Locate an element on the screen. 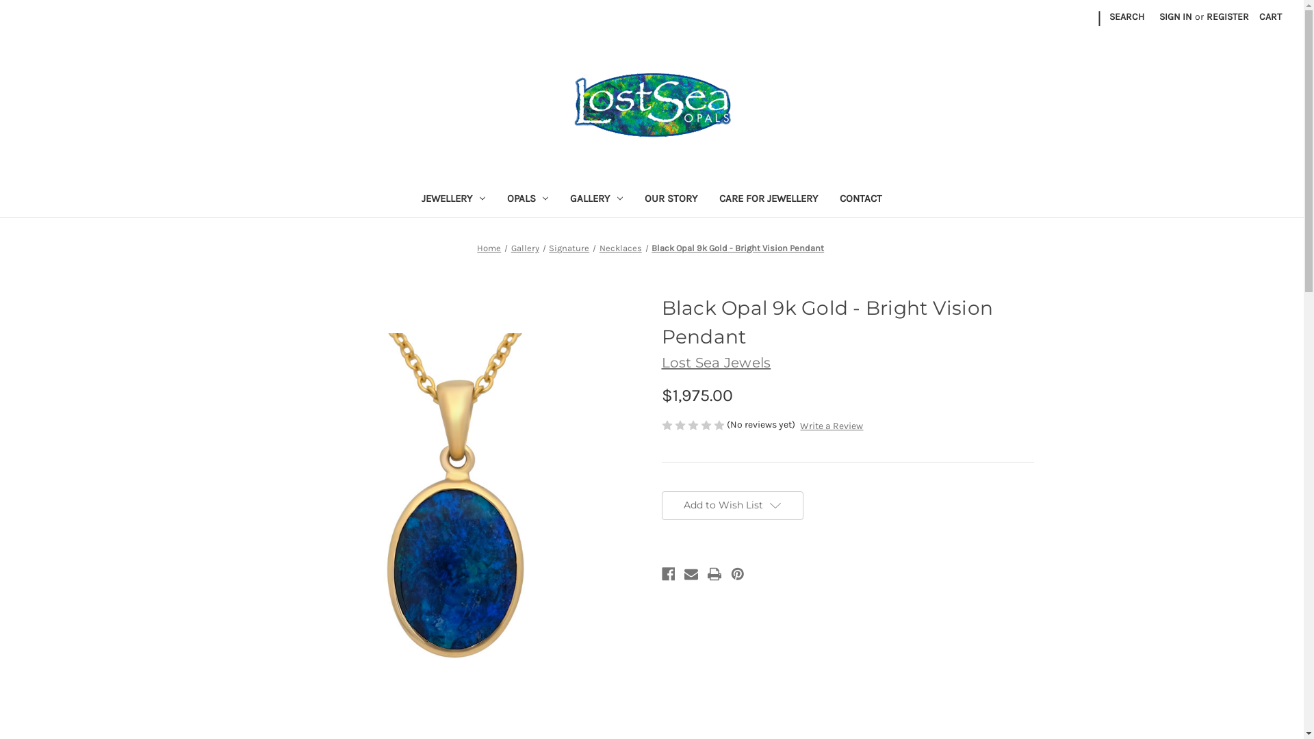  'Facebook' is located at coordinates (667, 574).